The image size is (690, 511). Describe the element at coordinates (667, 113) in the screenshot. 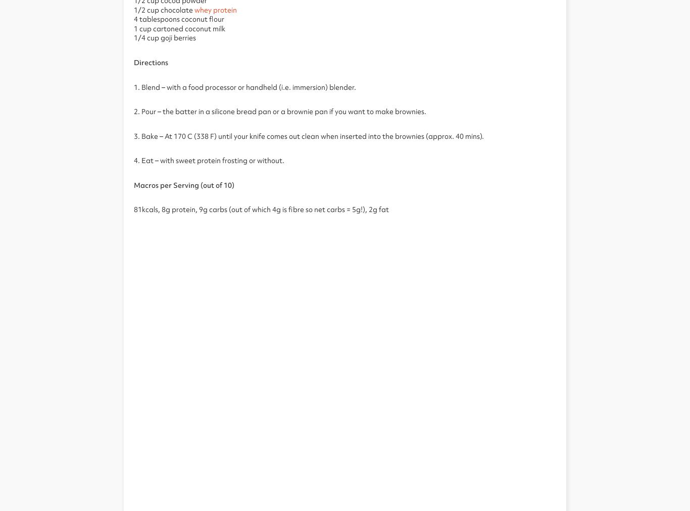

I see `'Sitemap'` at that location.